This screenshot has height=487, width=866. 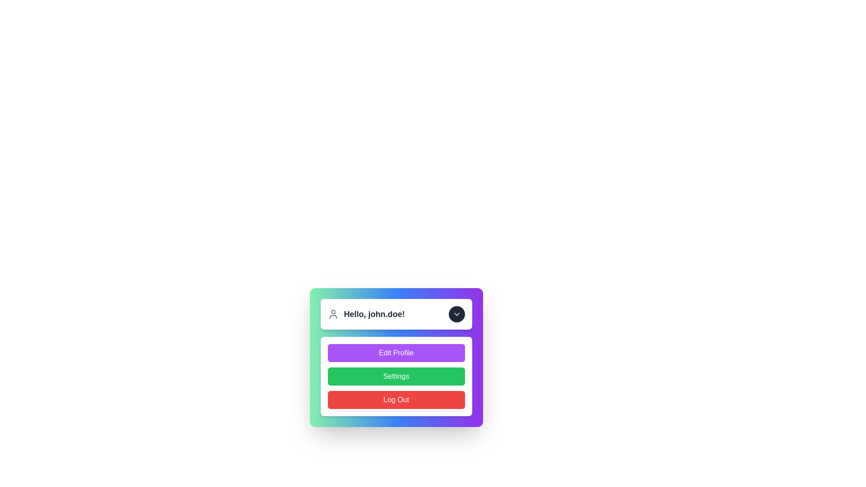 I want to click on the chevron icon within the circular button located in the top right corner of the user menu, so click(x=456, y=314).